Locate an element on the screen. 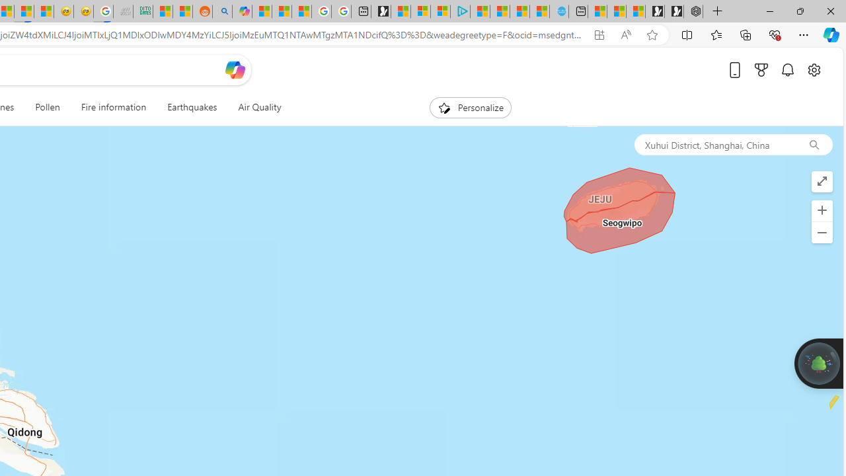 Image resolution: width=846 pixels, height=476 pixels. 'Xuhui District, Shanghai, China' is located at coordinates (714, 144).